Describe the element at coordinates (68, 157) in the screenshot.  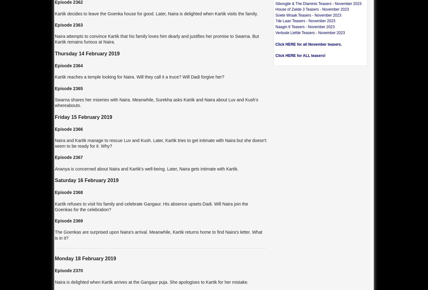
I see `'Episode 2367'` at that location.